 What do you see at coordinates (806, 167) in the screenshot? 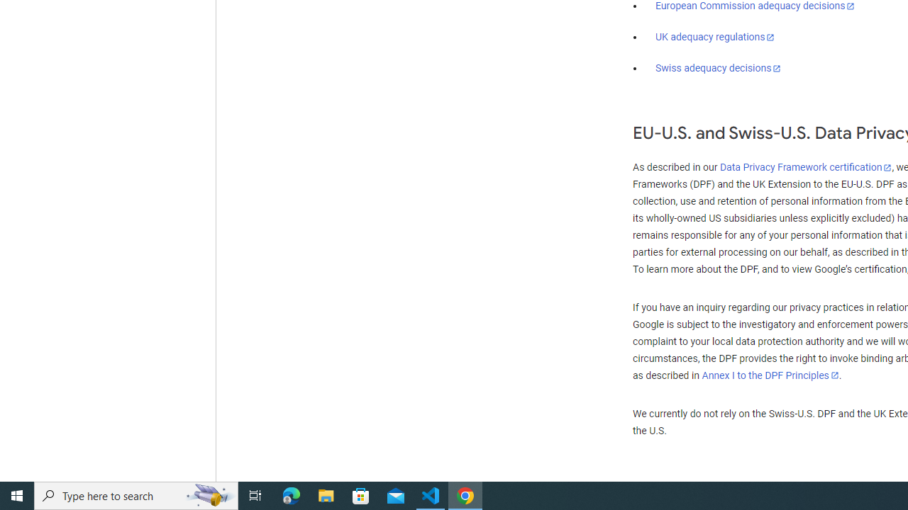
I see `'Data Privacy Framework certification'` at bounding box center [806, 167].